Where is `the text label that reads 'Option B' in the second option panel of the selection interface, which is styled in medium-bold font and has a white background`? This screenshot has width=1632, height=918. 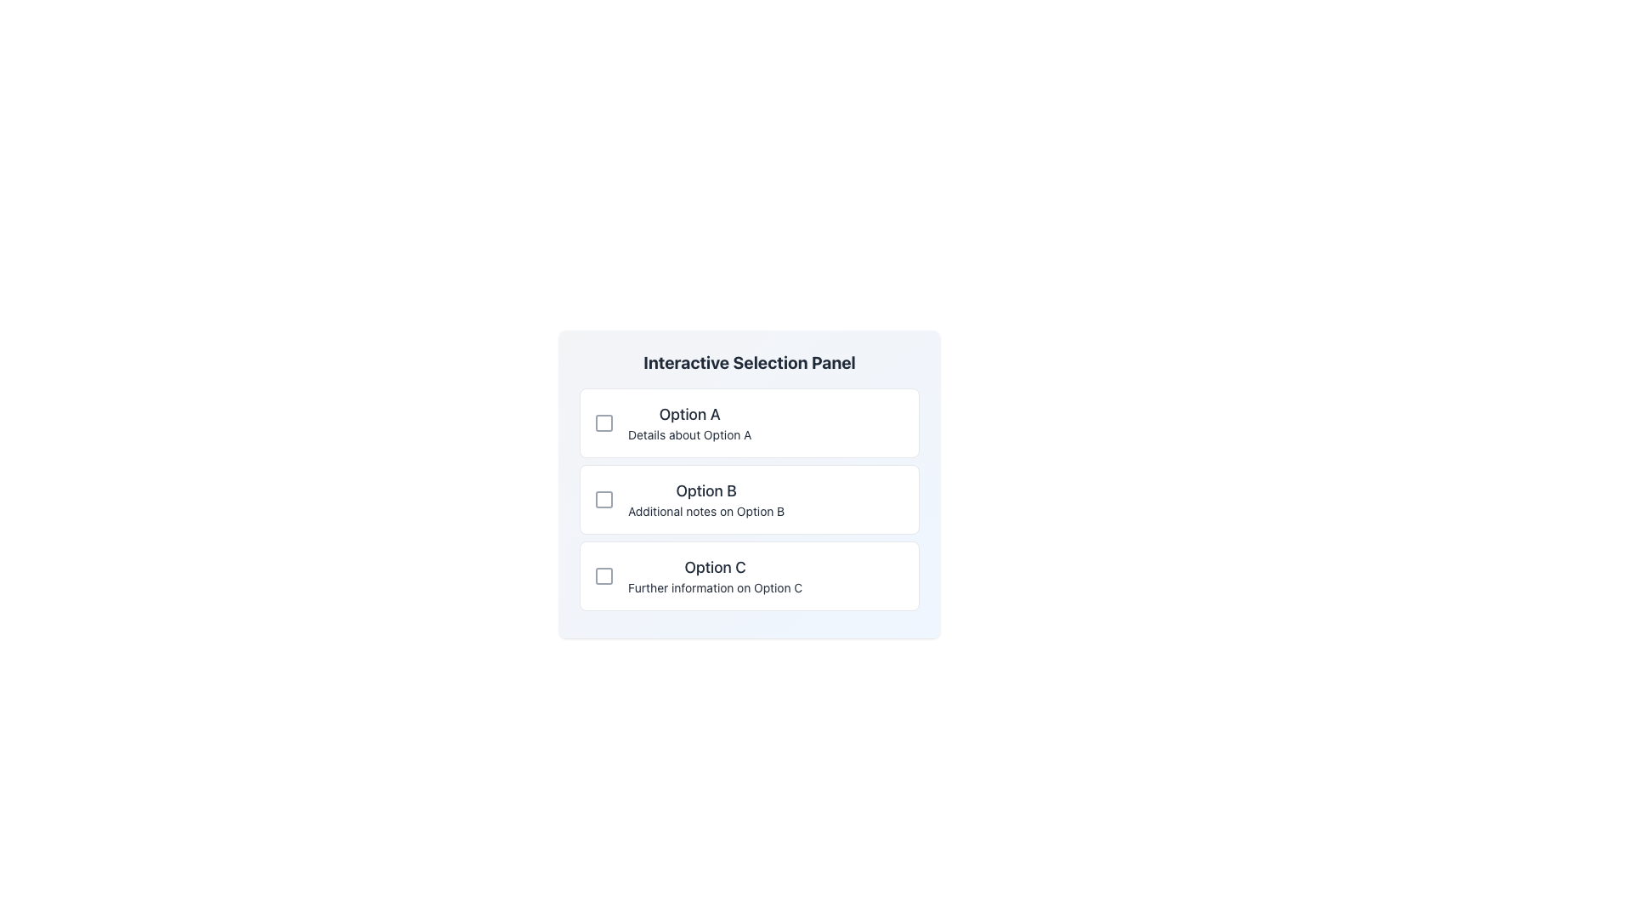
the text label that reads 'Option B' in the second option panel of the selection interface, which is styled in medium-bold font and has a white background is located at coordinates (706, 491).